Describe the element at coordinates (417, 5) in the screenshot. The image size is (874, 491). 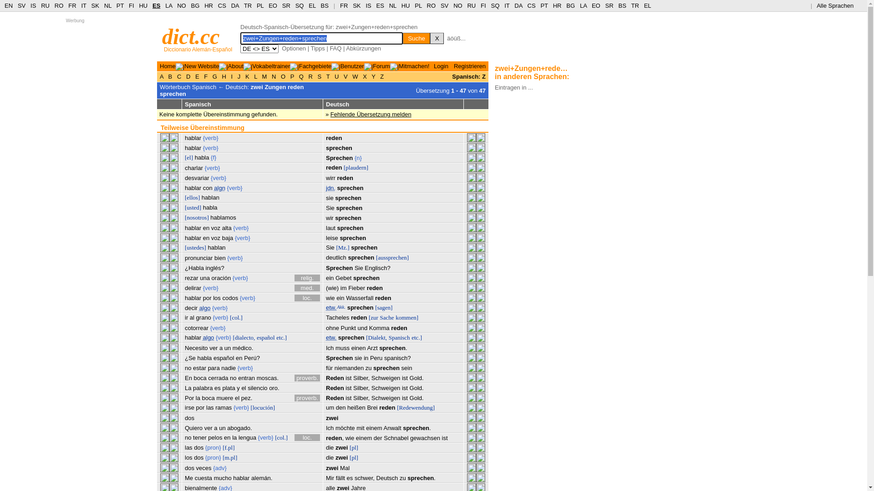
I see `'PL'` at that location.